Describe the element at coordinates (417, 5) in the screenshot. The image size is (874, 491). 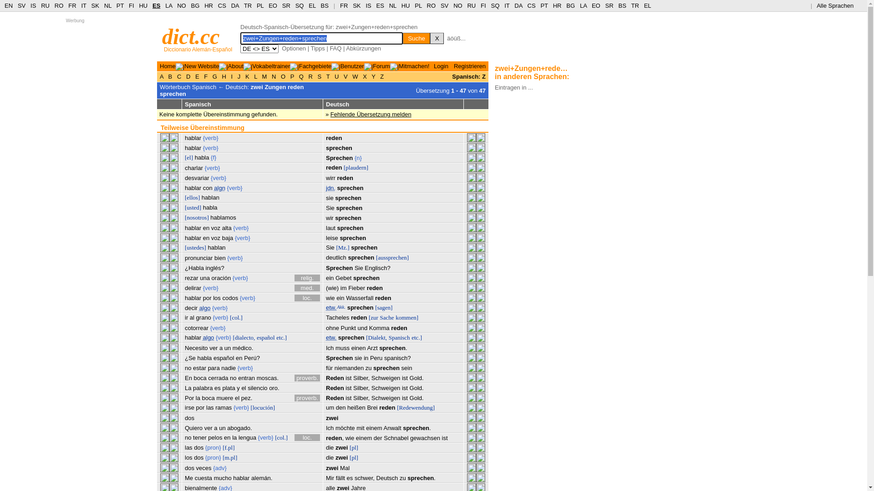
I see `'PL'` at that location.